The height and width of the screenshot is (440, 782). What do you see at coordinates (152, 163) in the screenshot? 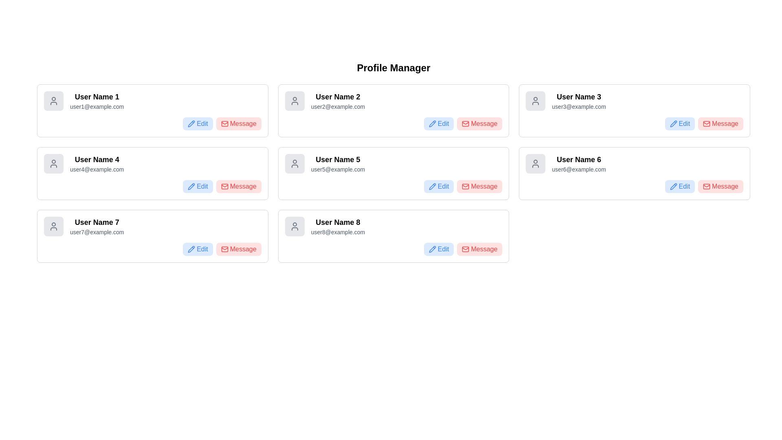
I see `the User Profile Card that displays user information including their name and email address, located in the second row, first column of the grid layout` at bounding box center [152, 163].